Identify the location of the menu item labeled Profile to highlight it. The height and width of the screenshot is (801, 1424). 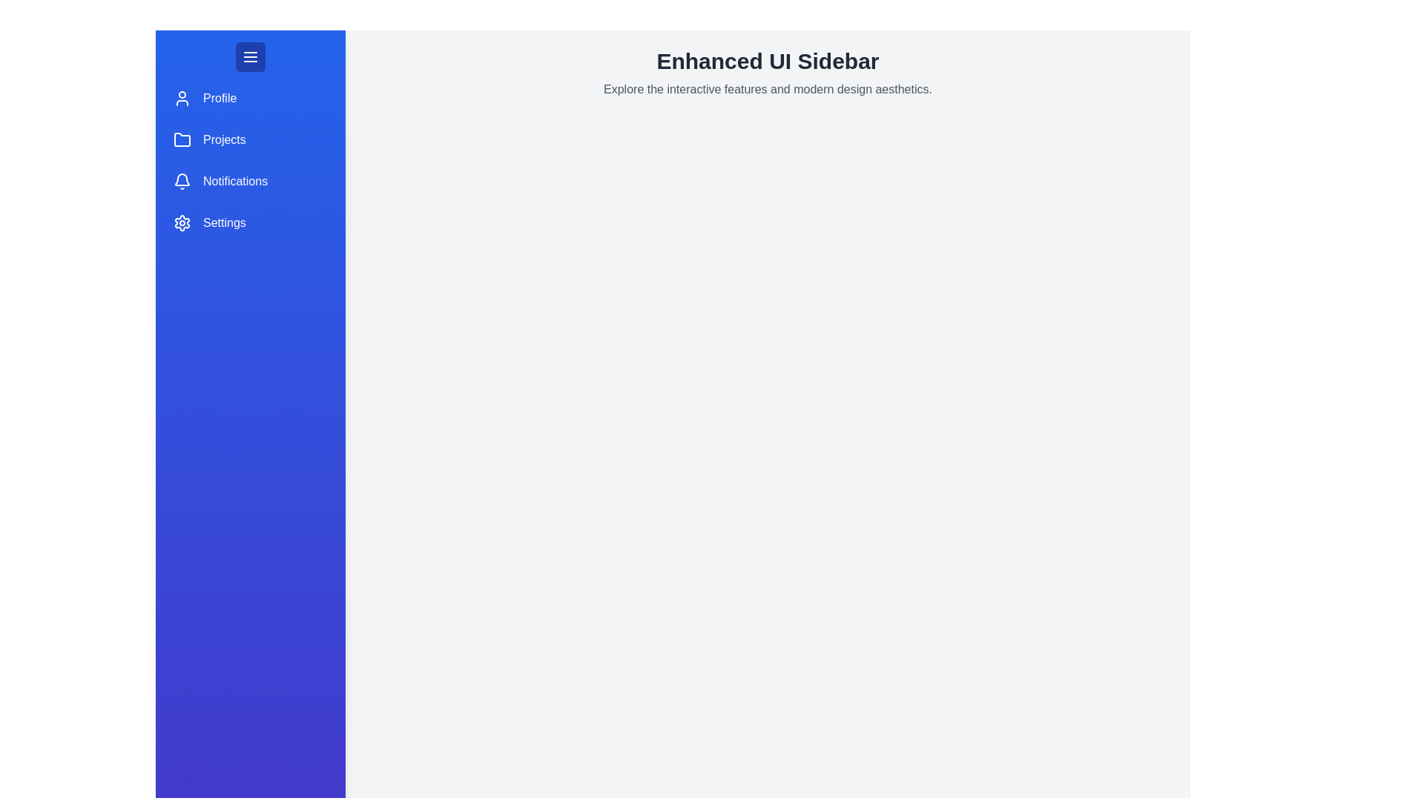
(250, 98).